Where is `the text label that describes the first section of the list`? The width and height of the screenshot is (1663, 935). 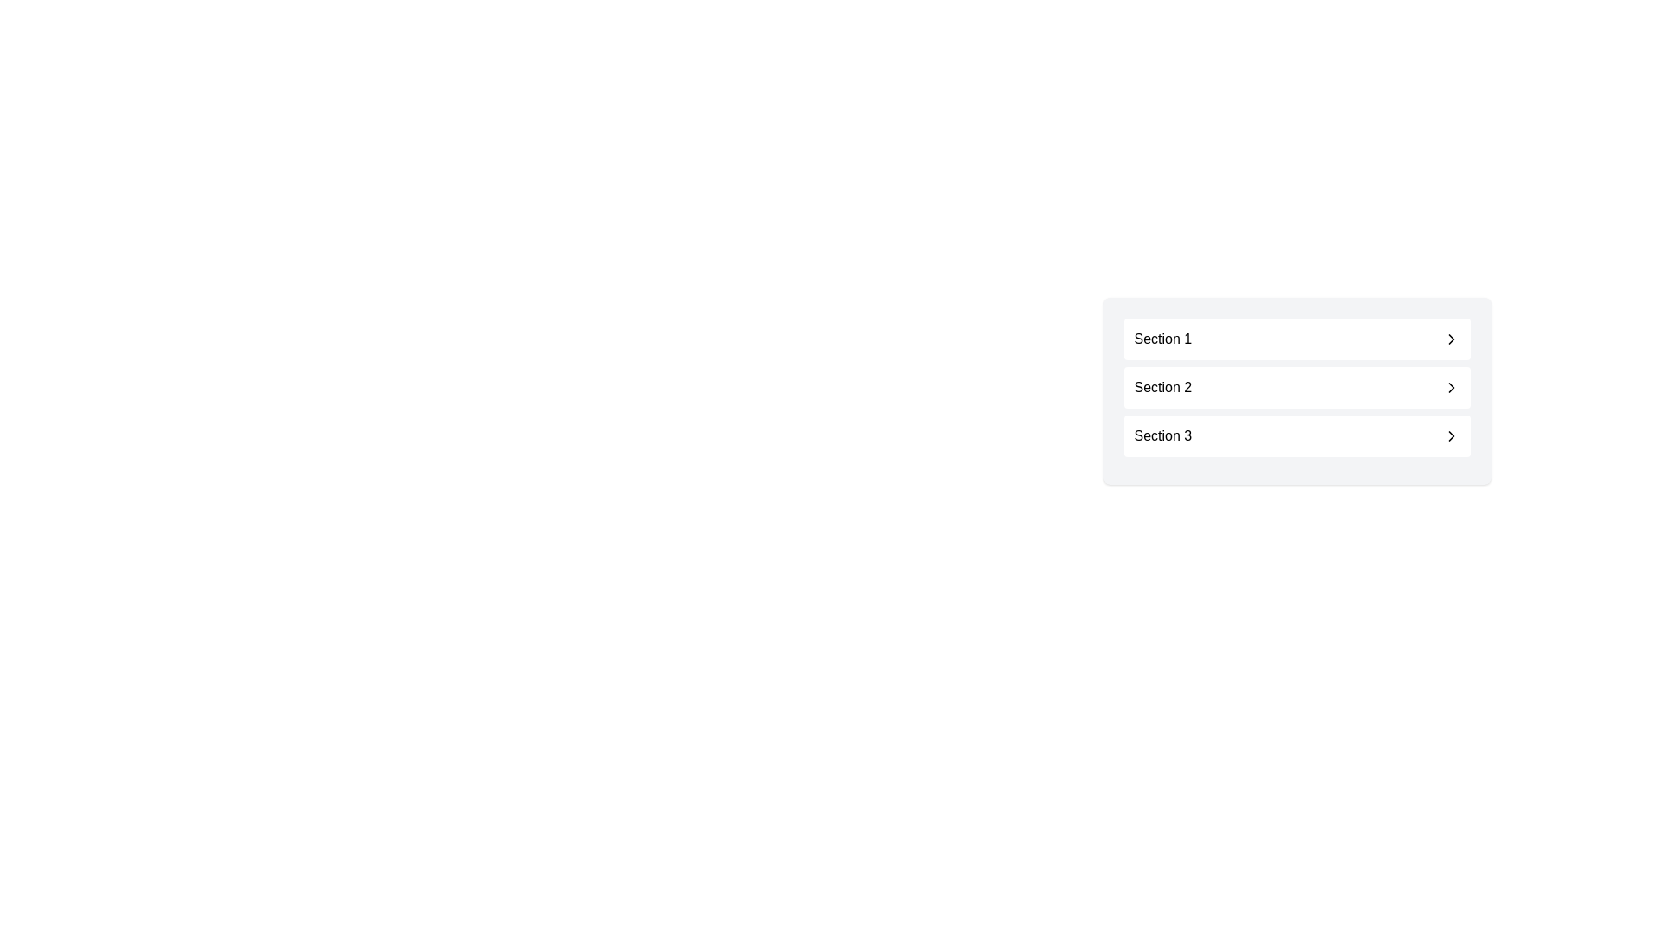
the text label that describes the first section of the list is located at coordinates (1162, 339).